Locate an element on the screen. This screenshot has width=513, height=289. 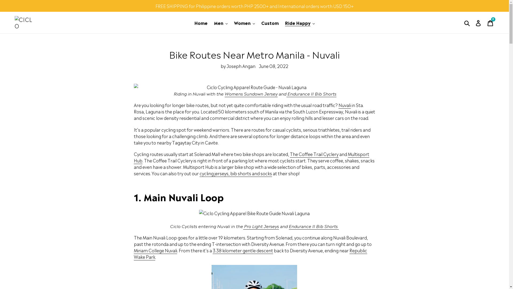
'Womens Sundown Jersey' is located at coordinates (251, 93).